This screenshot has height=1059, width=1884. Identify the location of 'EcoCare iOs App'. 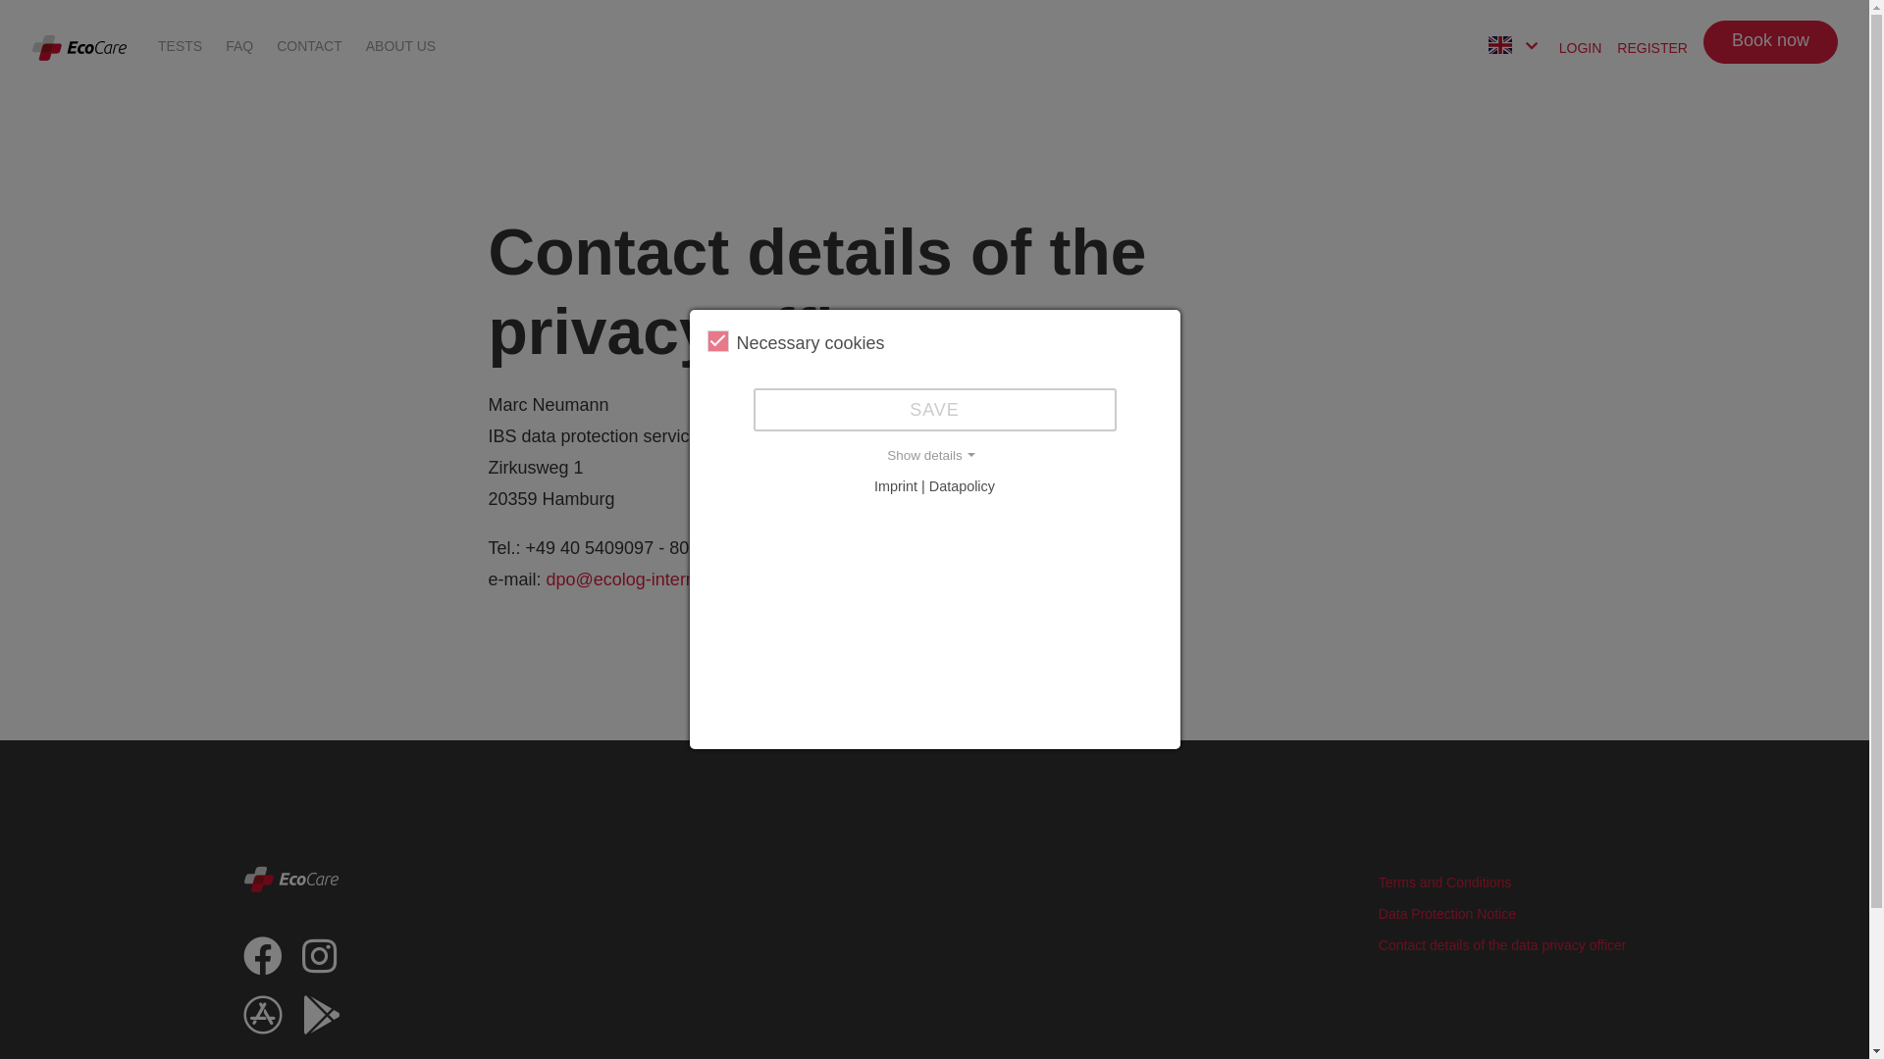
(242, 1023).